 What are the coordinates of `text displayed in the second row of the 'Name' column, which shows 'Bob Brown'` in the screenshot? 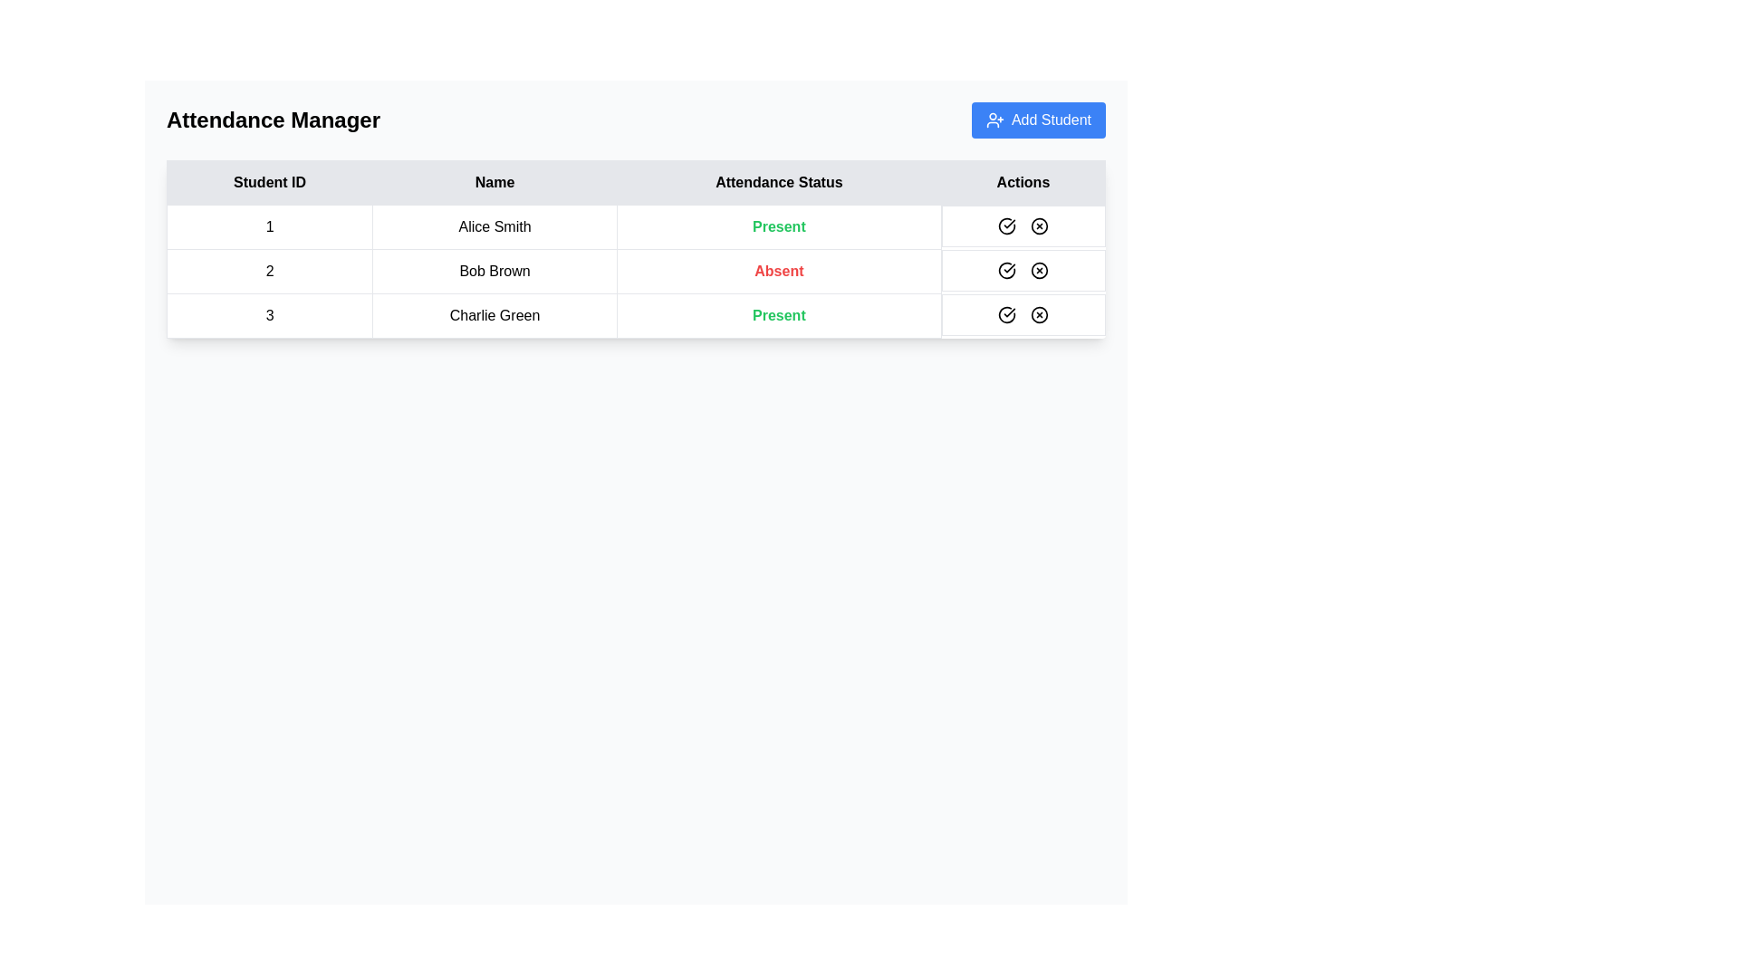 It's located at (495, 272).